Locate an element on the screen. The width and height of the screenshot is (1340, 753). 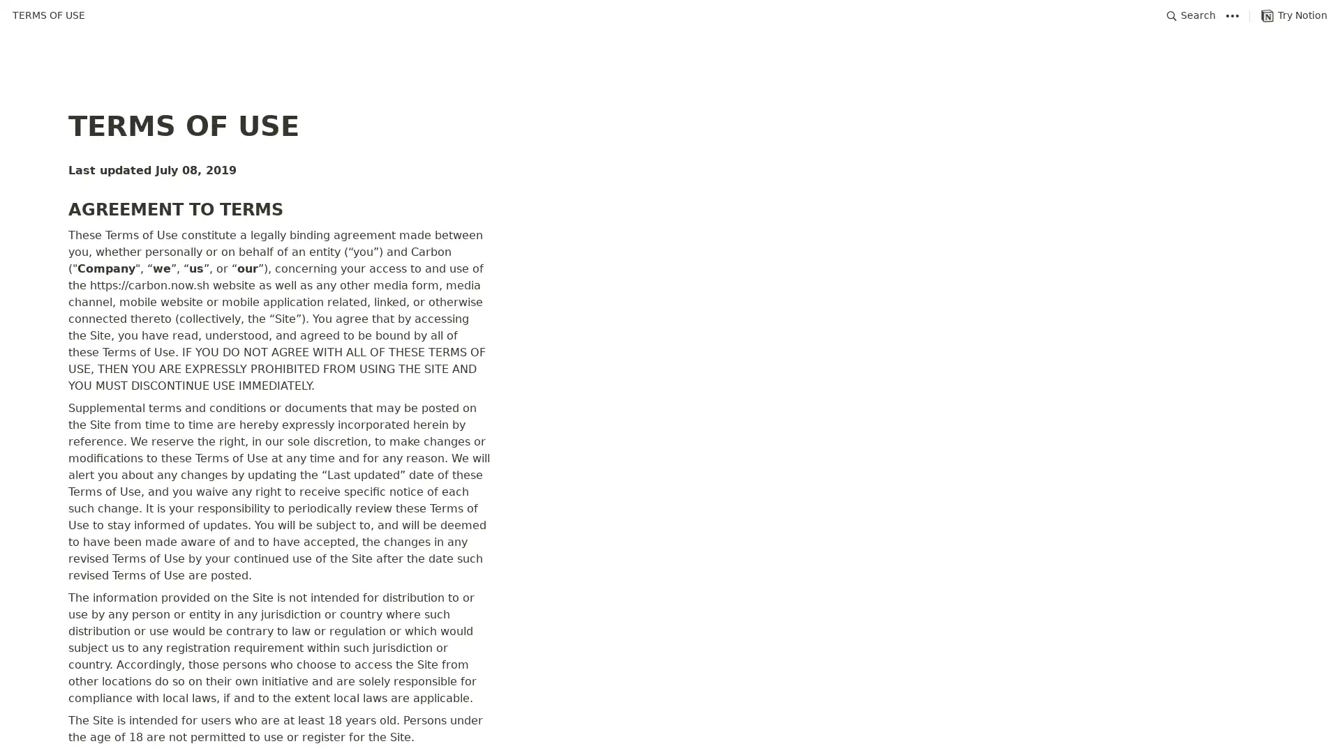
Search is located at coordinates (1191, 15).